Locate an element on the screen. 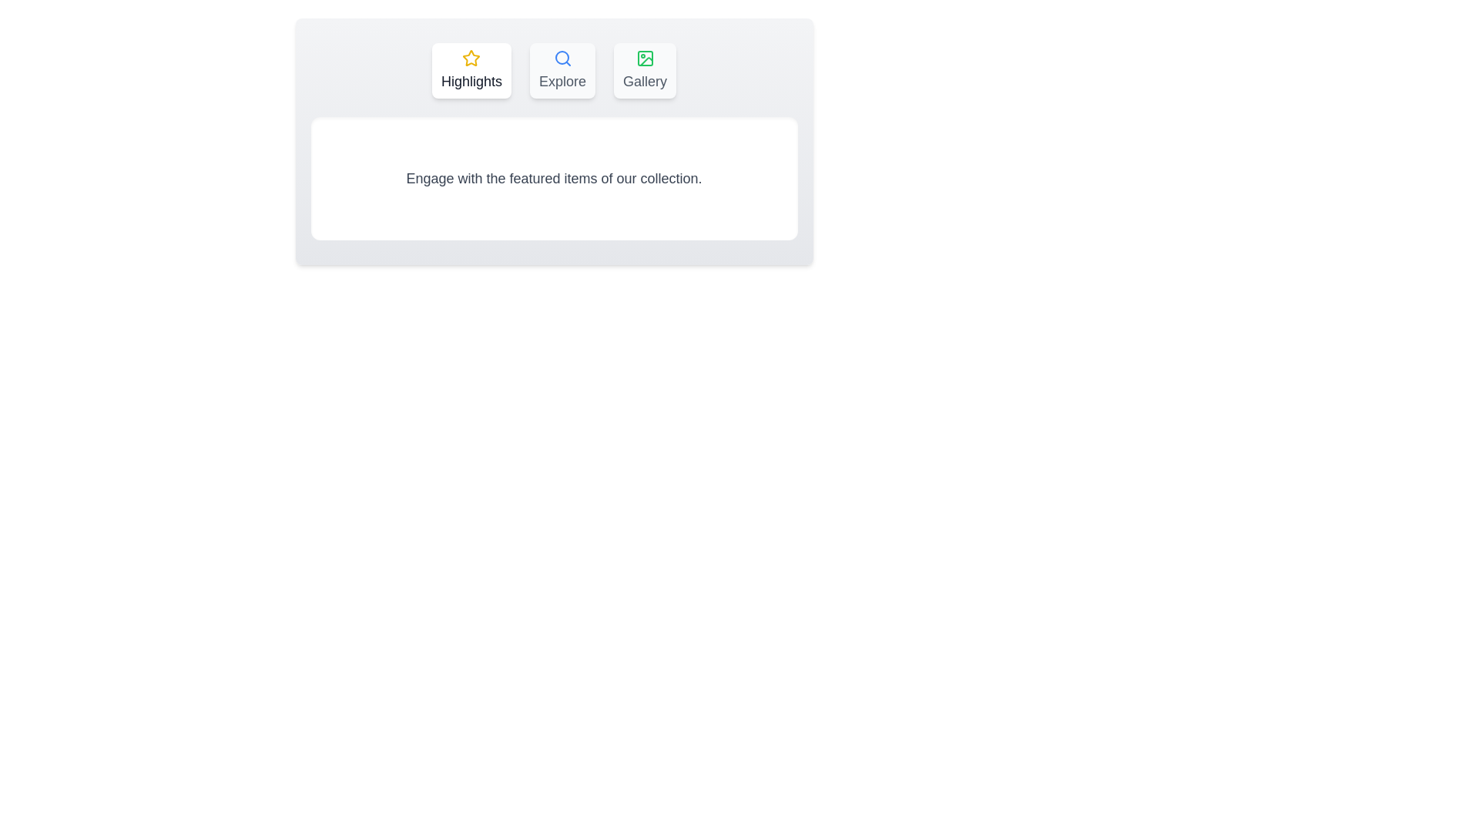  the tab labeled Highlights to observe the hover animation is located at coordinates (471, 71).